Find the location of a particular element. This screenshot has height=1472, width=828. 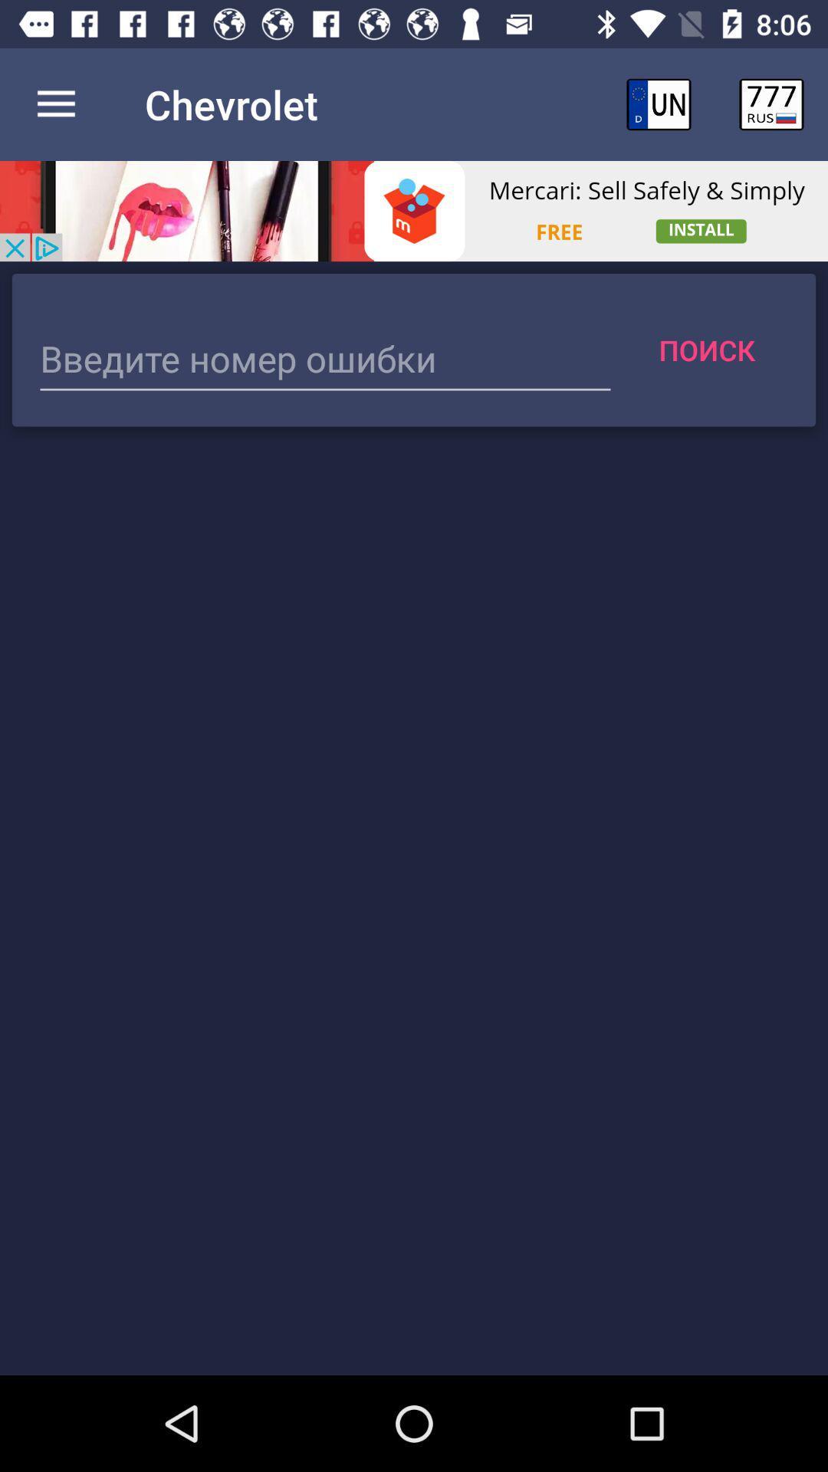

visit the advertiser page is located at coordinates (414, 210).